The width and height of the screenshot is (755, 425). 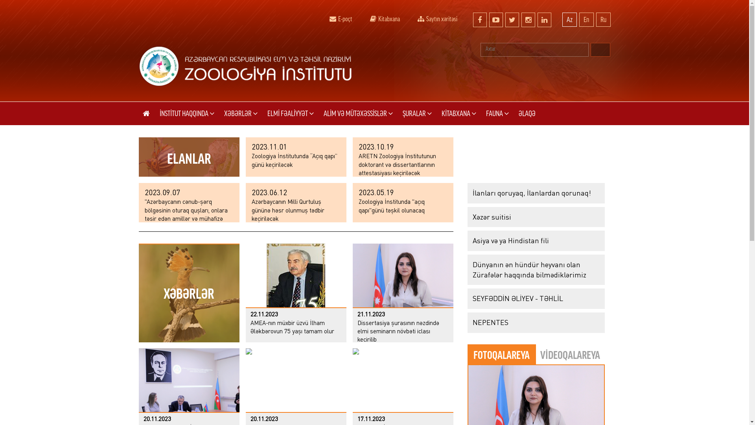 I want to click on 'FOTOQALAREYA', so click(x=501, y=355).